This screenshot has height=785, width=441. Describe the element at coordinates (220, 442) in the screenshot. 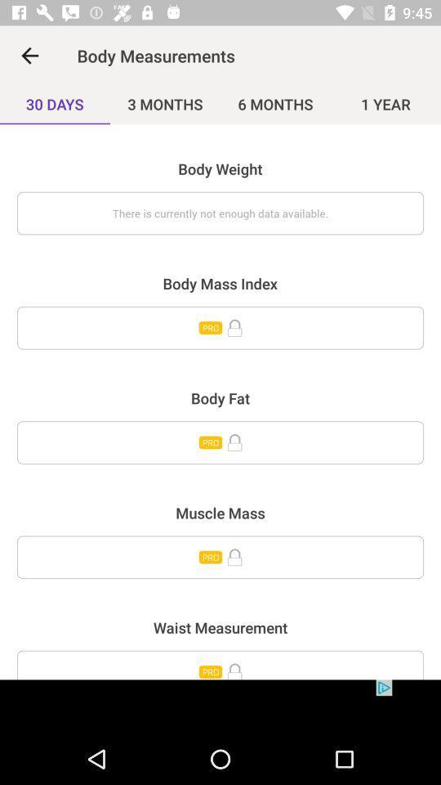

I see `lock button` at that location.